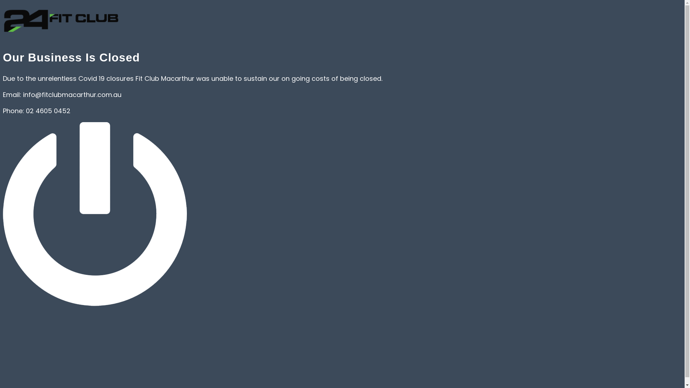 The height and width of the screenshot is (388, 690). Describe the element at coordinates (48, 111) in the screenshot. I see `'02 4605 0452'` at that location.